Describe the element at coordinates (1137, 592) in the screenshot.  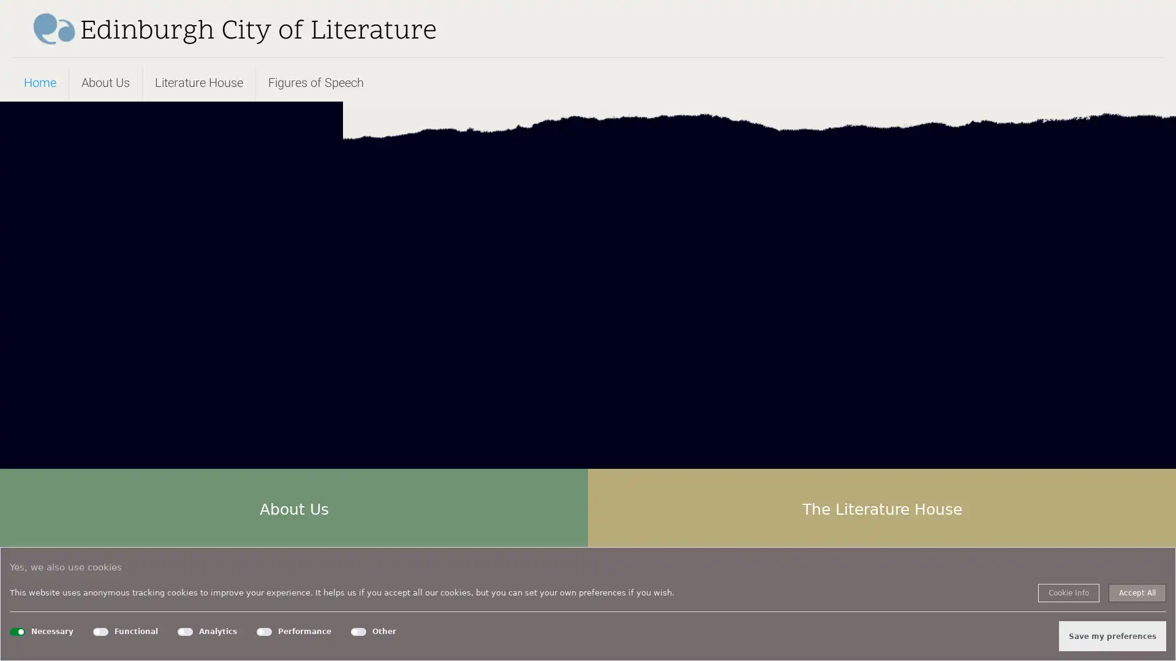
I see `Accept All` at that location.